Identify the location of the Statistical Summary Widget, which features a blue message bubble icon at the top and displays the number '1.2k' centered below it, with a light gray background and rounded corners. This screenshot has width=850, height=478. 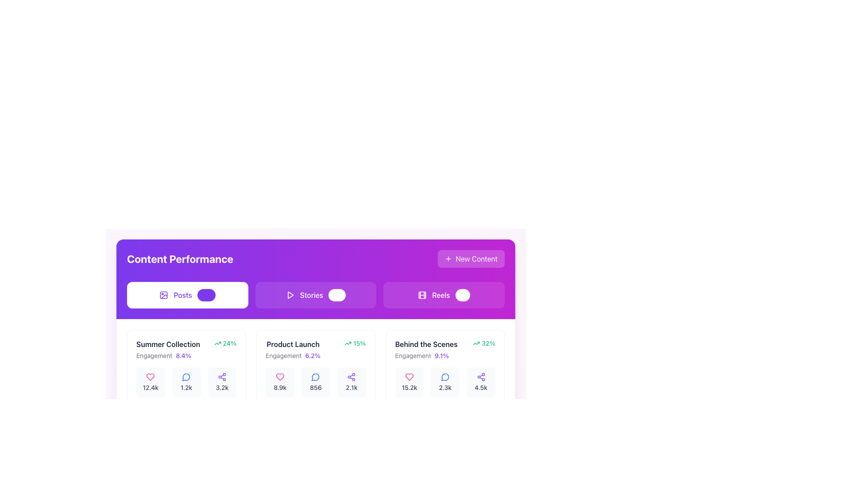
(186, 382).